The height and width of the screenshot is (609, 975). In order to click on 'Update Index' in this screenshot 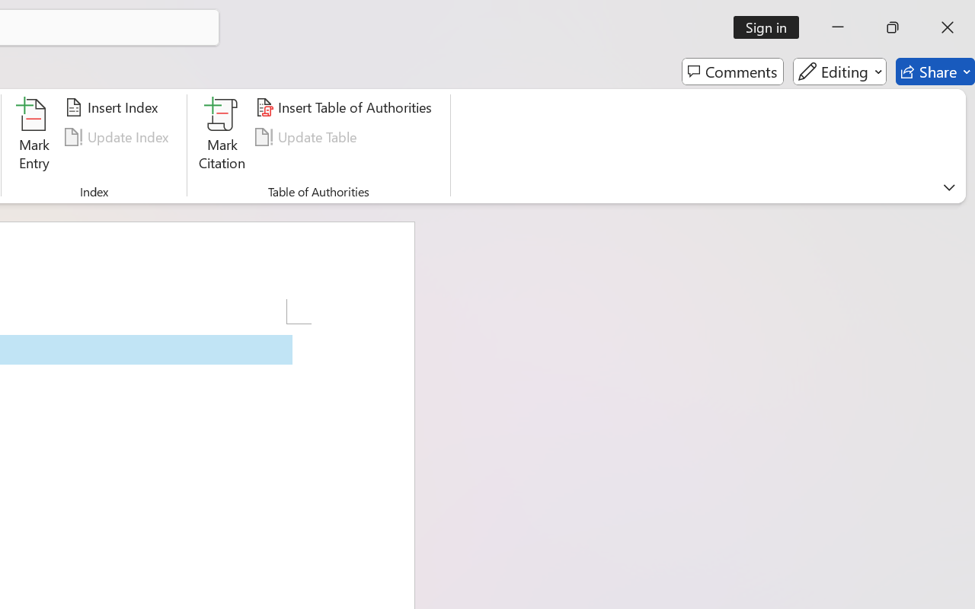, I will do `click(118, 136)`.